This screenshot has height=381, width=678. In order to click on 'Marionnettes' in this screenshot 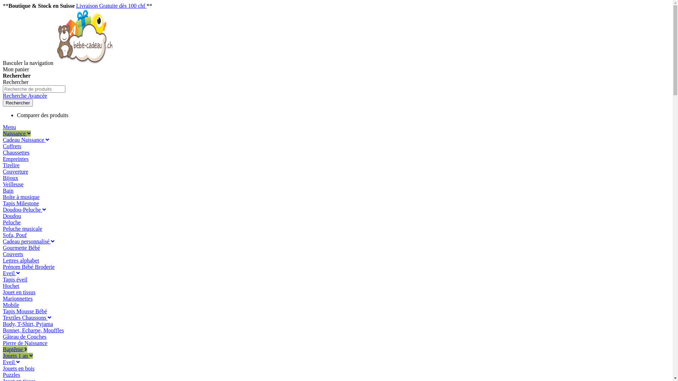, I will do `click(17, 298)`.